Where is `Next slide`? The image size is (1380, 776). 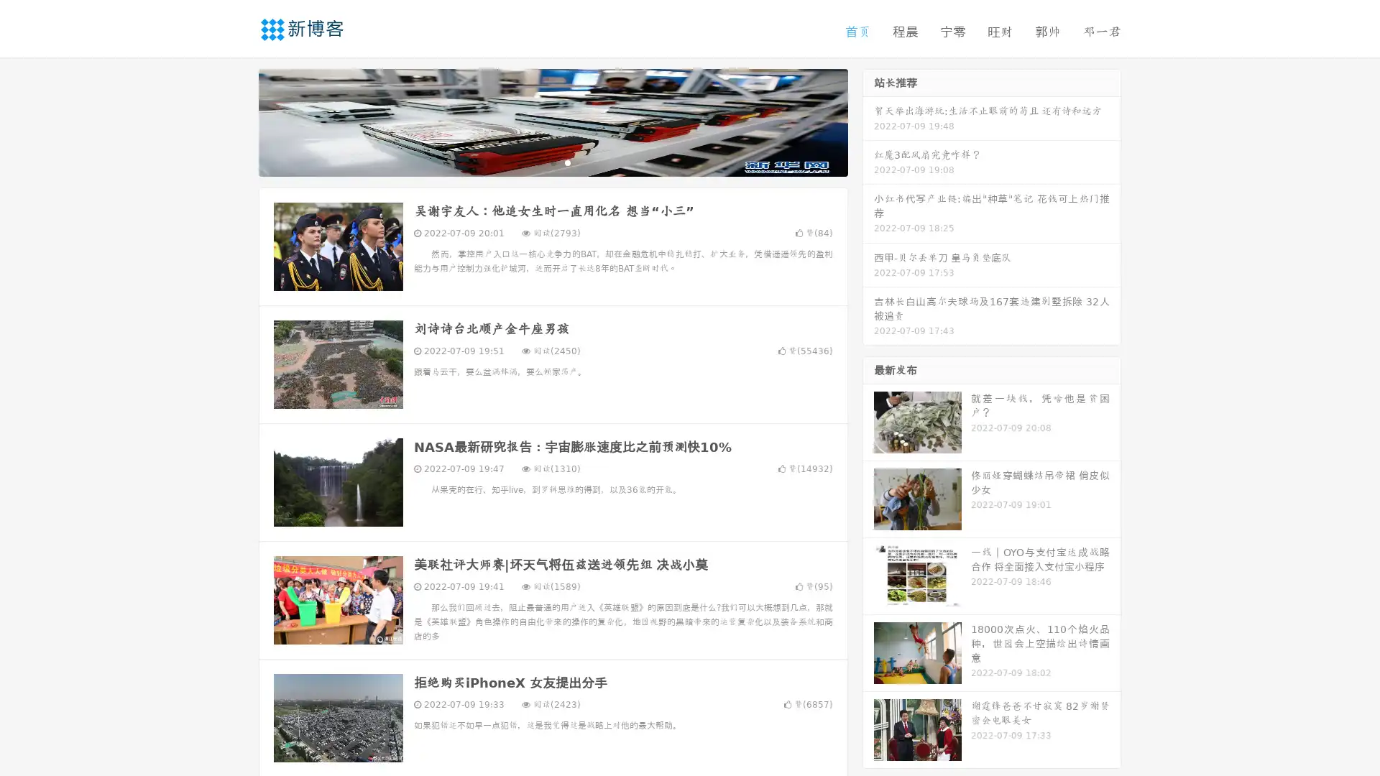 Next slide is located at coordinates (868, 121).